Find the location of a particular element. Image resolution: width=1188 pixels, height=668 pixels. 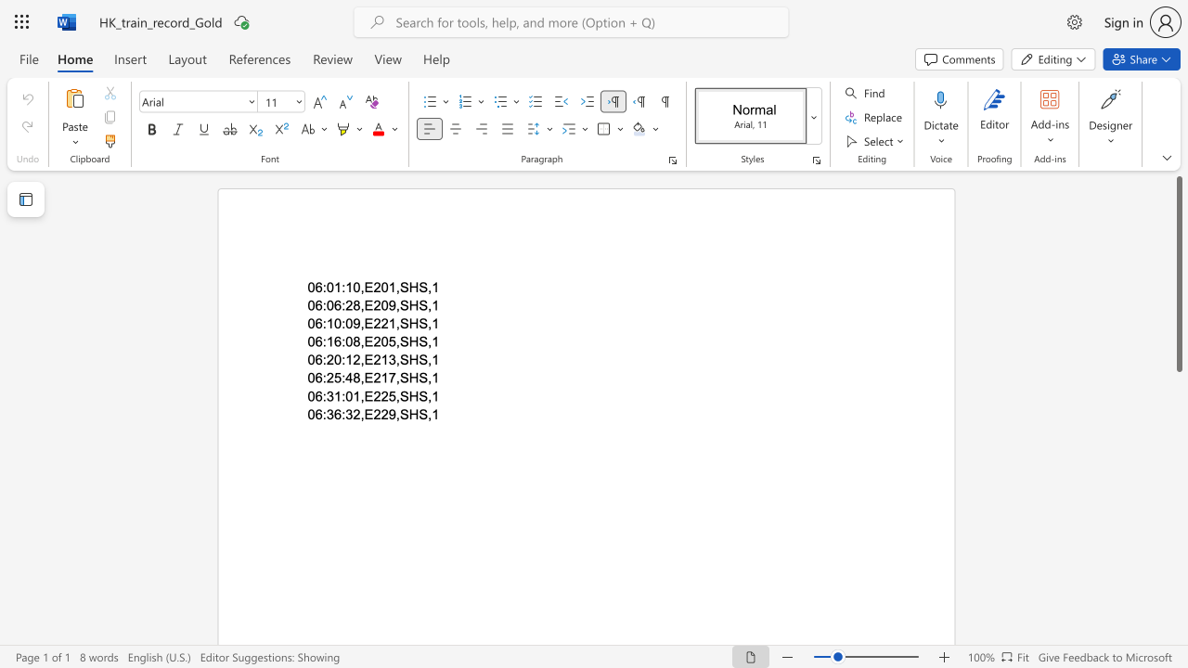

the scrollbar on the side is located at coordinates (1178, 417).